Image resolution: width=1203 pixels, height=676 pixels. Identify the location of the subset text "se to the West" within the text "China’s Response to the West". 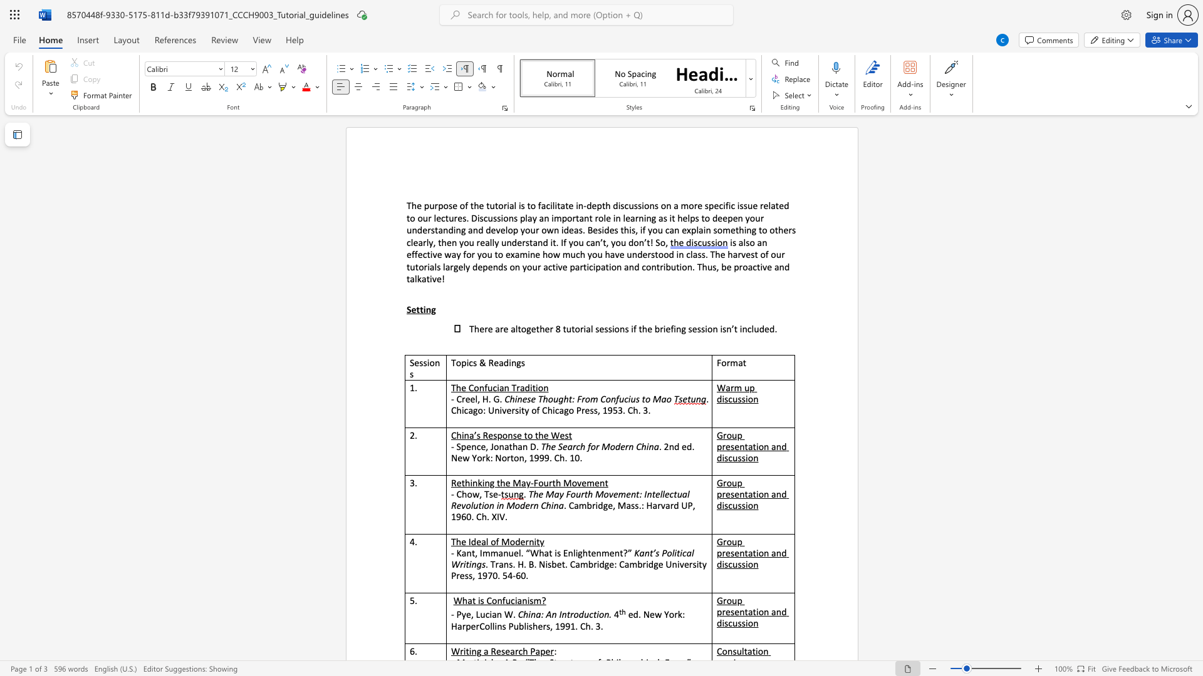
(513, 434).